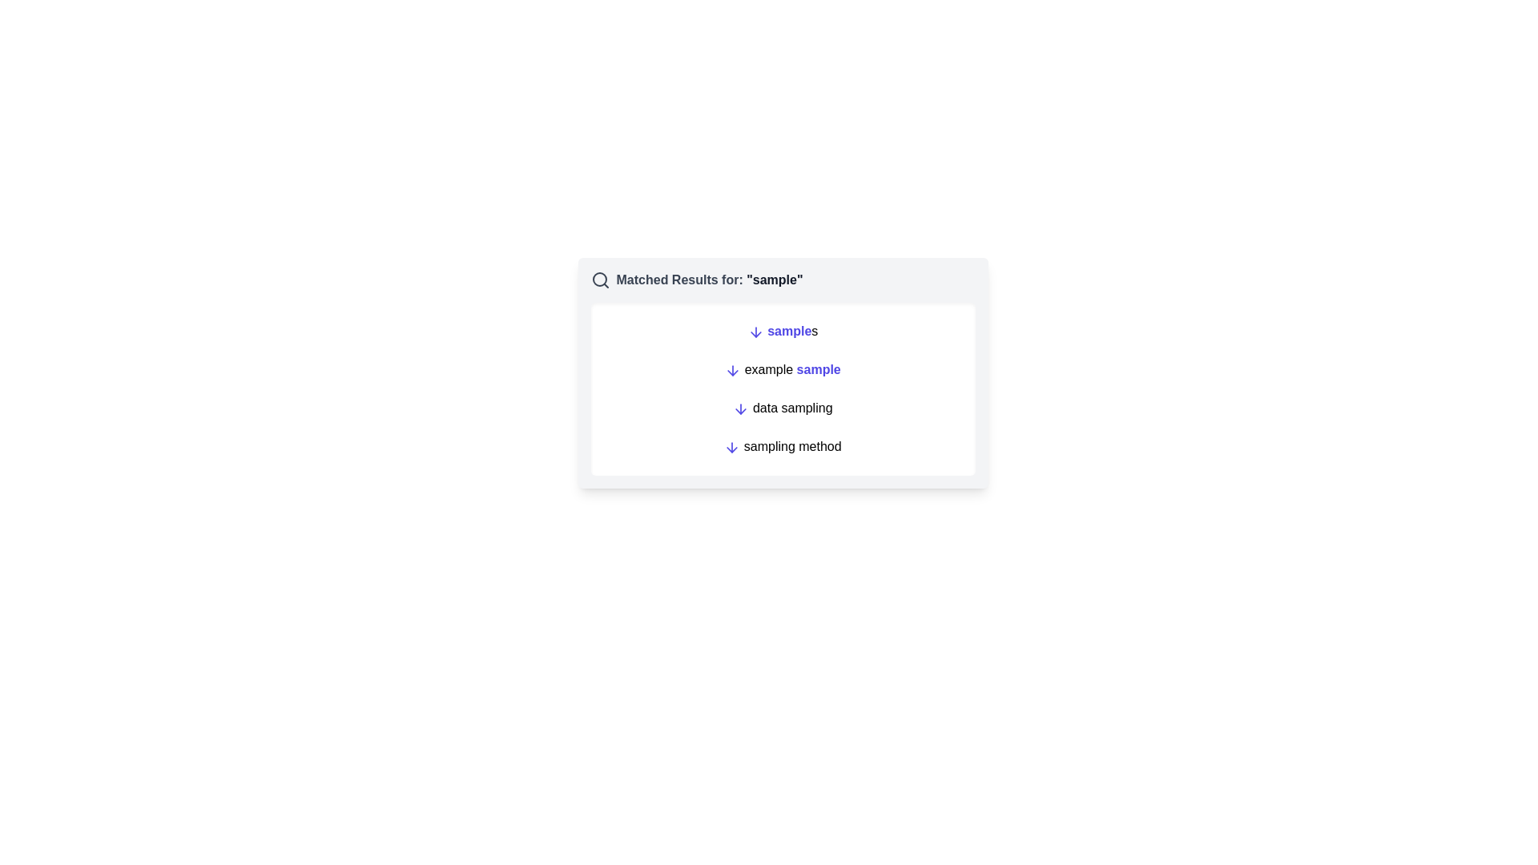 Image resolution: width=1538 pixels, height=865 pixels. Describe the element at coordinates (783, 407) in the screenshot. I see `the 'data sampling' button, which is the third option in the list, to activate its hover effect` at that location.